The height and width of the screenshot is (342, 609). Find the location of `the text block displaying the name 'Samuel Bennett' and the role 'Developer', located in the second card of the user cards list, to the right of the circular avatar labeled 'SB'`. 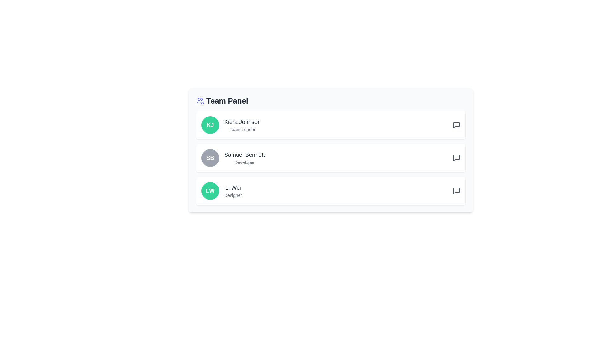

the text block displaying the name 'Samuel Bennett' and the role 'Developer', located in the second card of the user cards list, to the right of the circular avatar labeled 'SB' is located at coordinates (244, 157).